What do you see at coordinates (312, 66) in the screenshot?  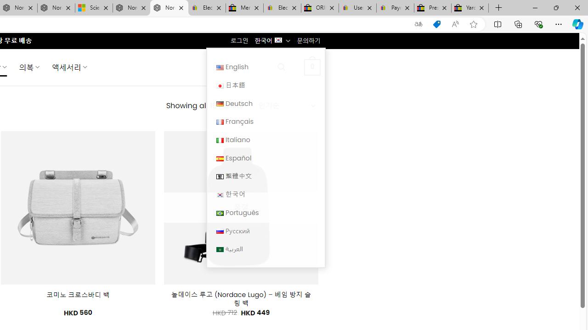 I see `' 0 '` at bounding box center [312, 66].